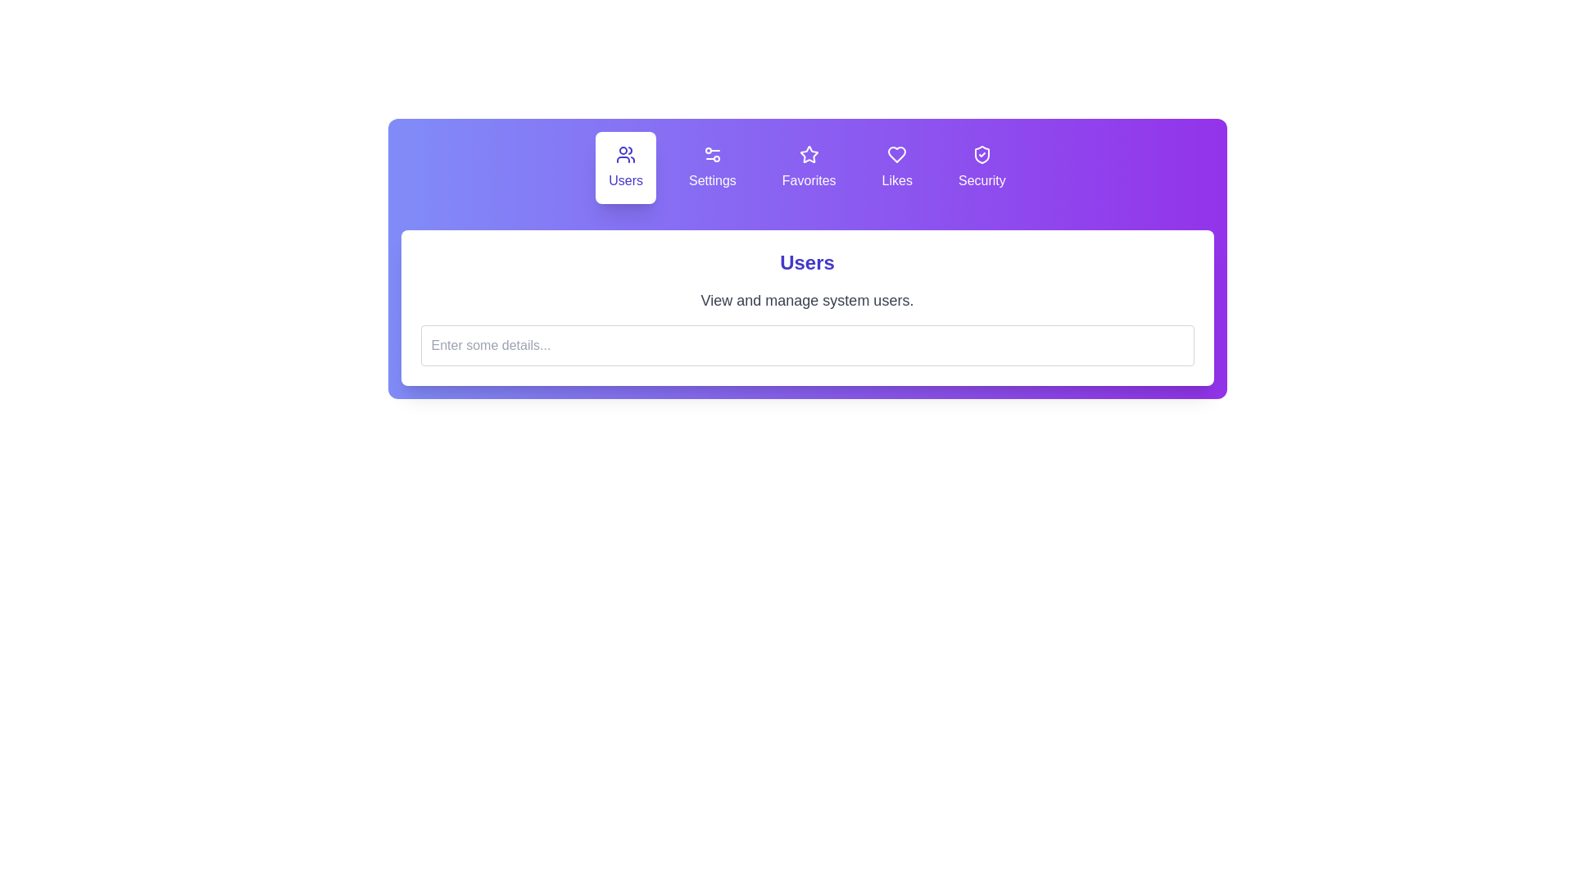 This screenshot has width=1573, height=885. I want to click on the tab labeled Users to view its description, so click(624, 167).